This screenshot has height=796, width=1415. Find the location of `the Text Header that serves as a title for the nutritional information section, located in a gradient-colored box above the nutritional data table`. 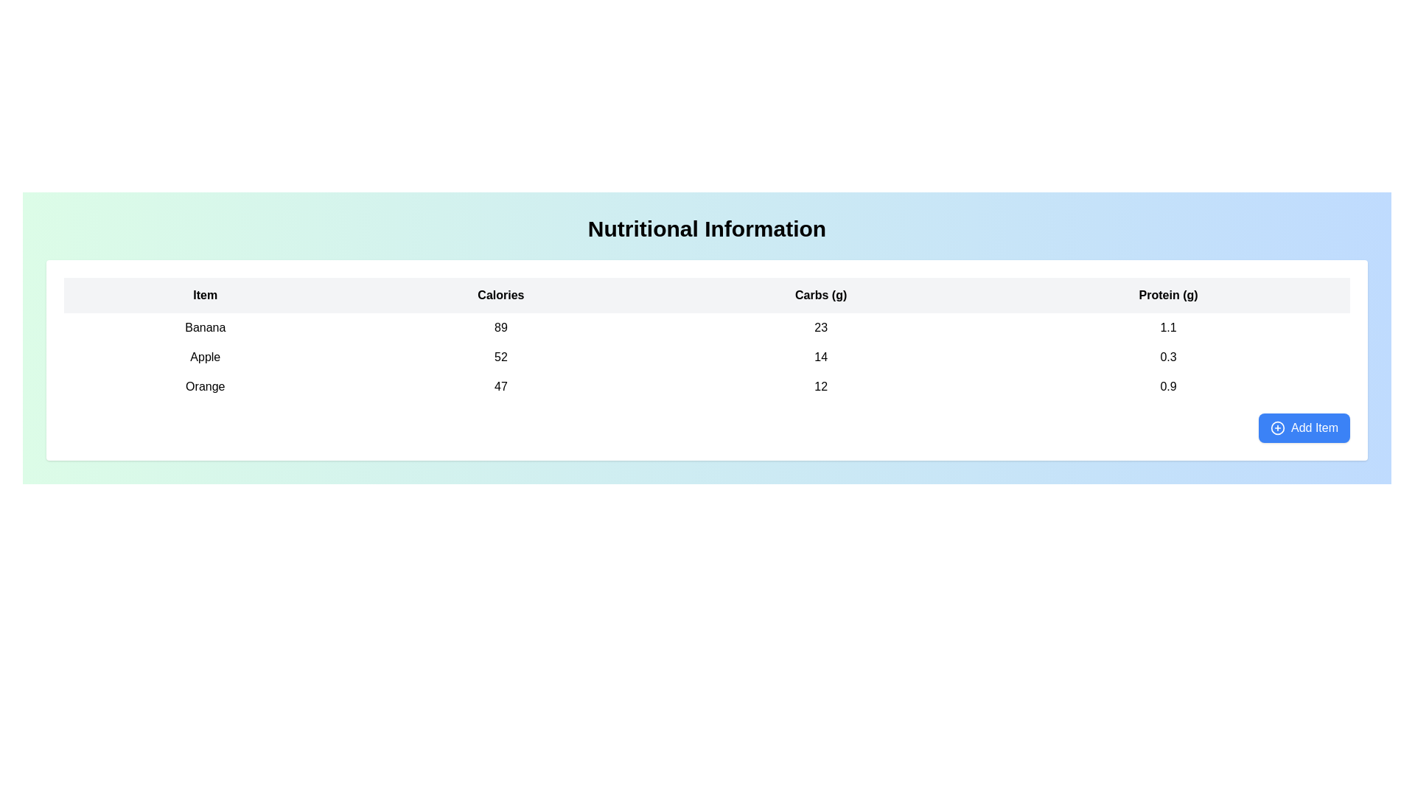

the Text Header that serves as a title for the nutritional information section, located in a gradient-colored box above the nutritional data table is located at coordinates (706, 229).